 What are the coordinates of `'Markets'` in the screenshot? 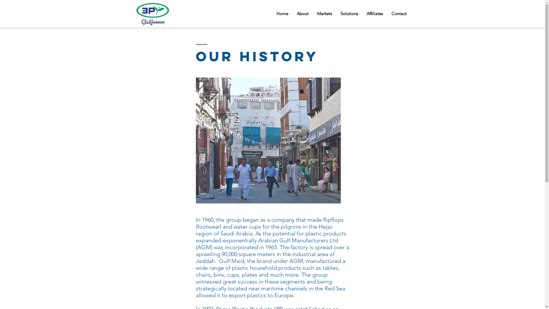 It's located at (324, 13).